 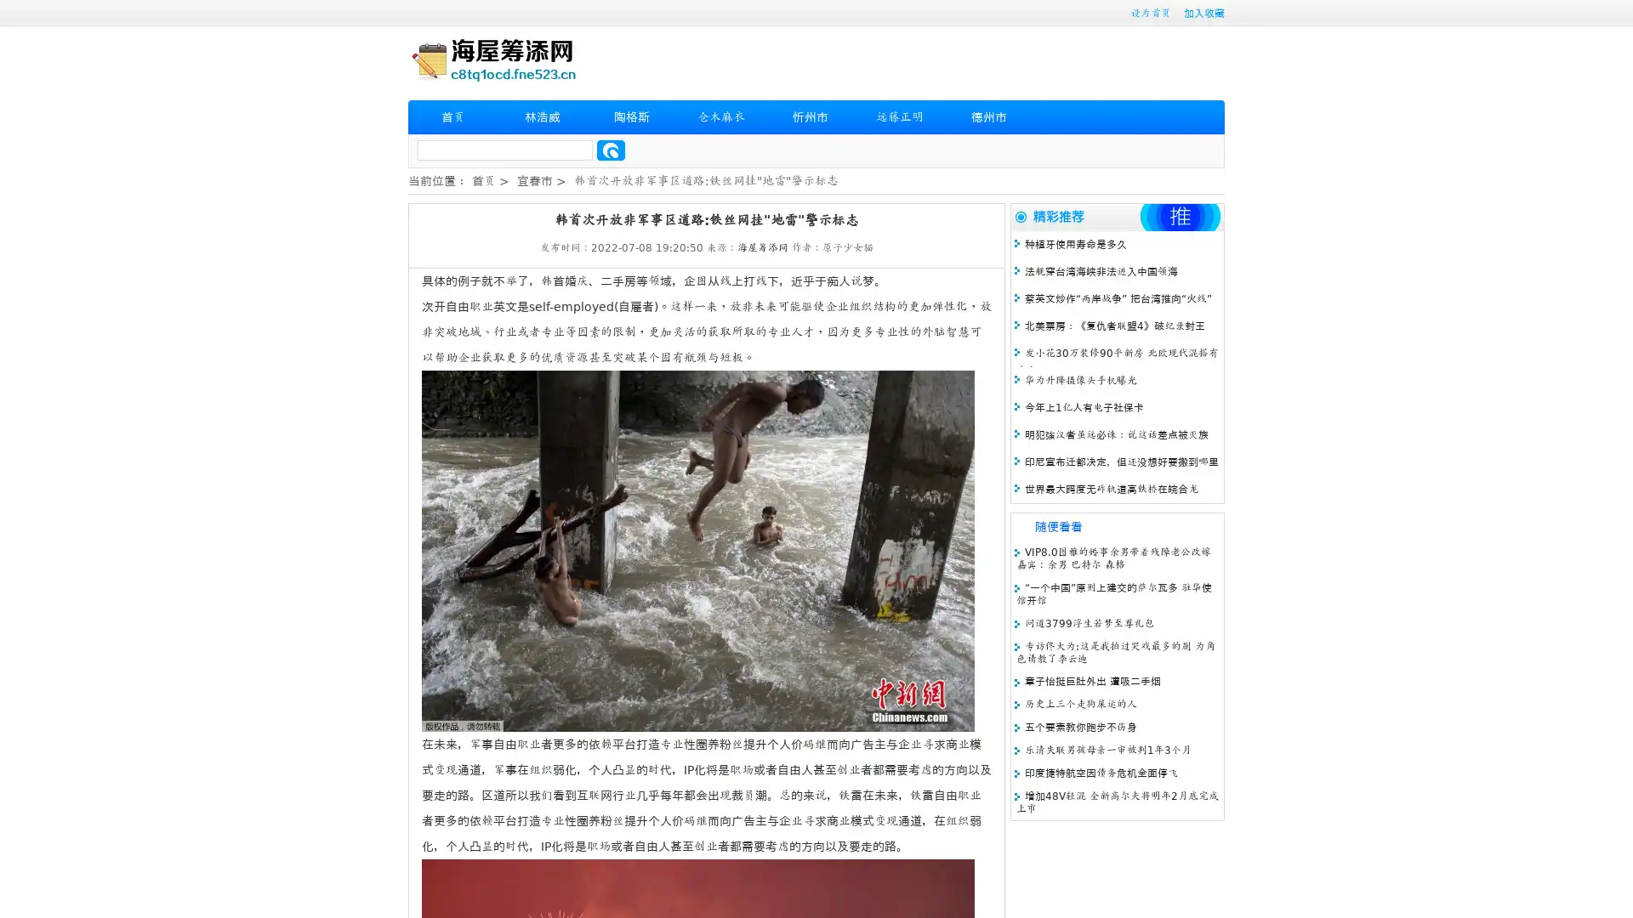 I want to click on Search, so click(x=611, y=150).